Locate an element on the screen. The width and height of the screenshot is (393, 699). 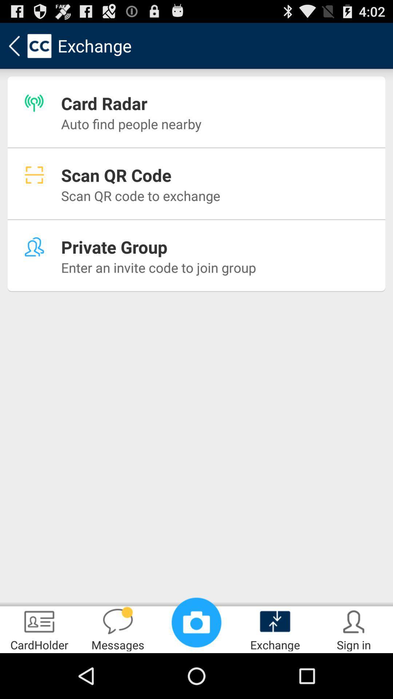
the icon below enter an invite app is located at coordinates (118, 628).